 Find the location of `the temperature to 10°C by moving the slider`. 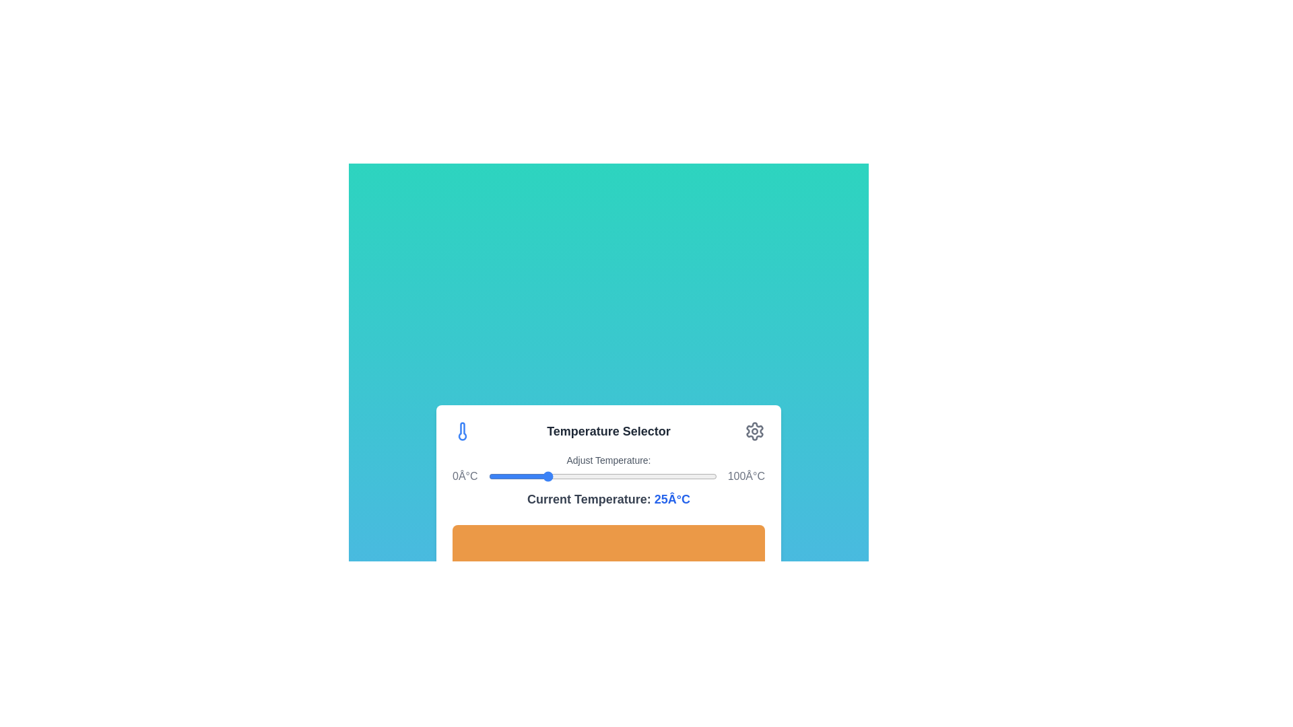

the temperature to 10°C by moving the slider is located at coordinates (510, 476).